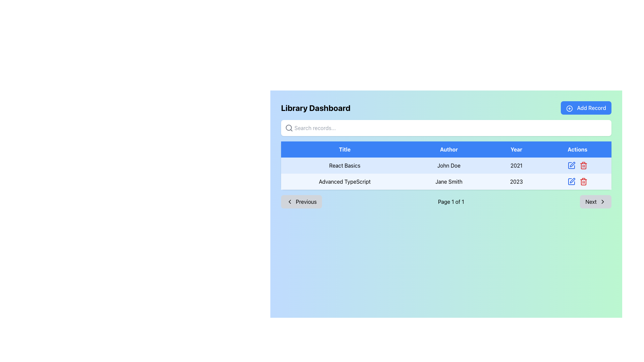  Describe the element at coordinates (577, 149) in the screenshot. I see `the header cell for the 'Actions' column in the table, which is the fourth header cell located directly to the right of the 'Year' header cell` at that location.